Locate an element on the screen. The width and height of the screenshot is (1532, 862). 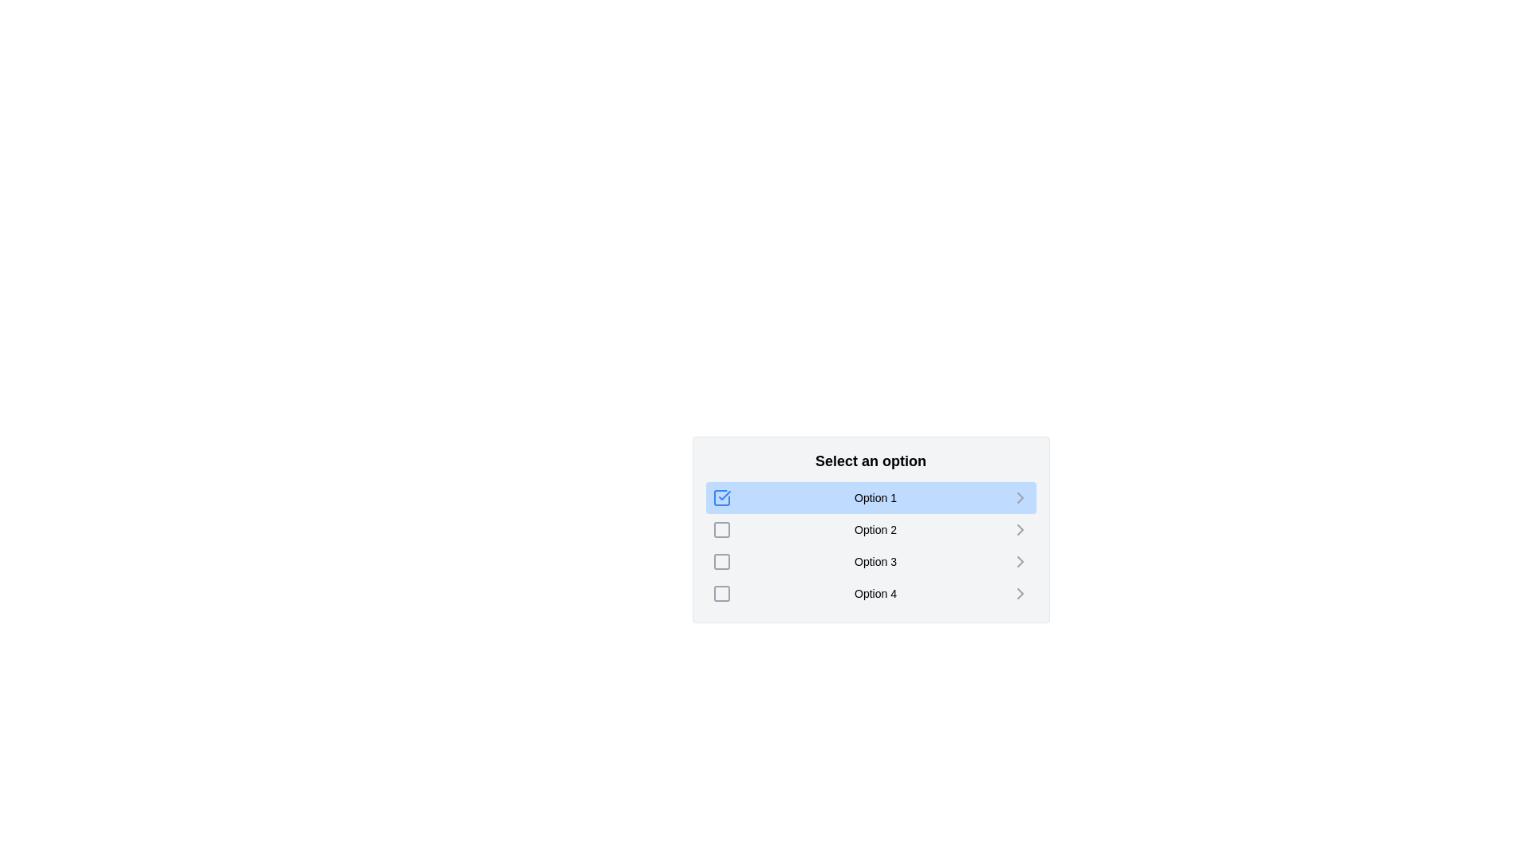
the checkbox corresponding to Option 4 is located at coordinates (721, 594).